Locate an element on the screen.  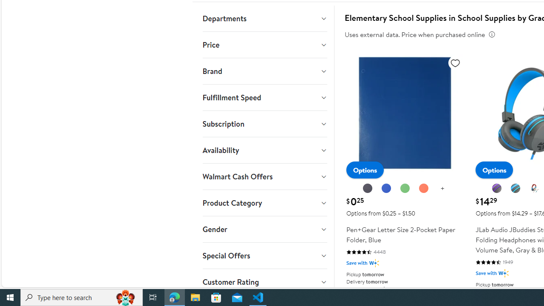
'Blue' is located at coordinates (386, 188).